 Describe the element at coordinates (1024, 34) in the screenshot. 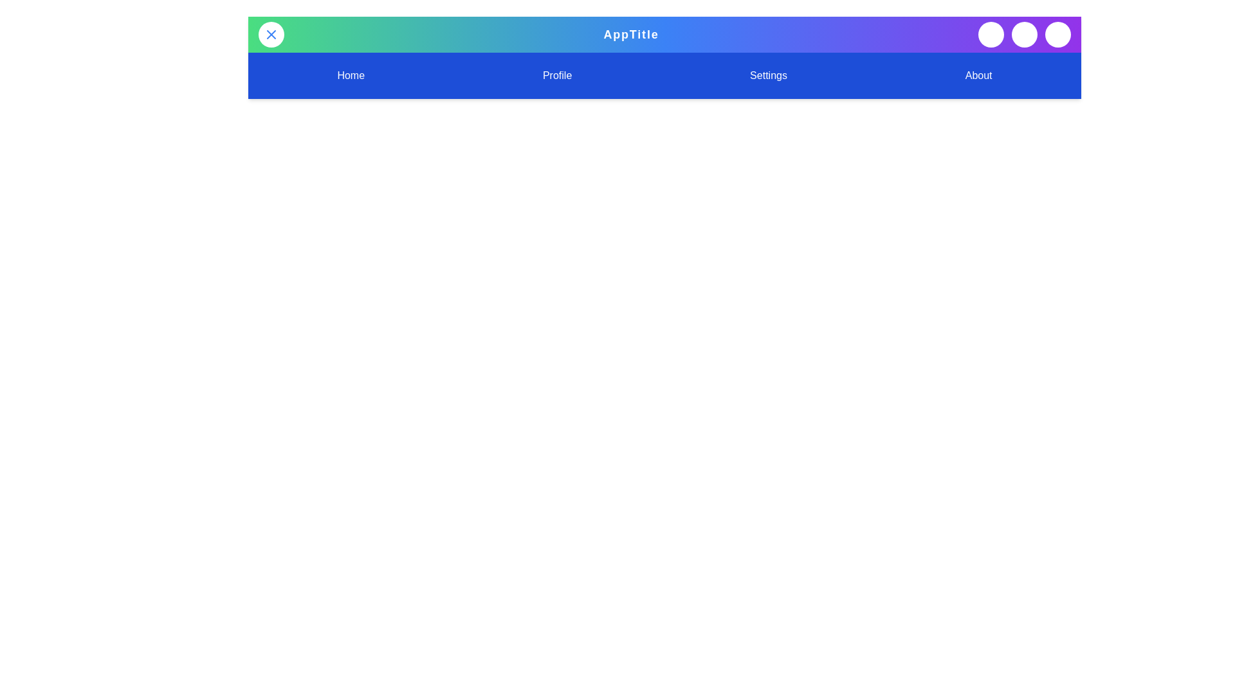

I see `the 'Notifications' button` at that location.